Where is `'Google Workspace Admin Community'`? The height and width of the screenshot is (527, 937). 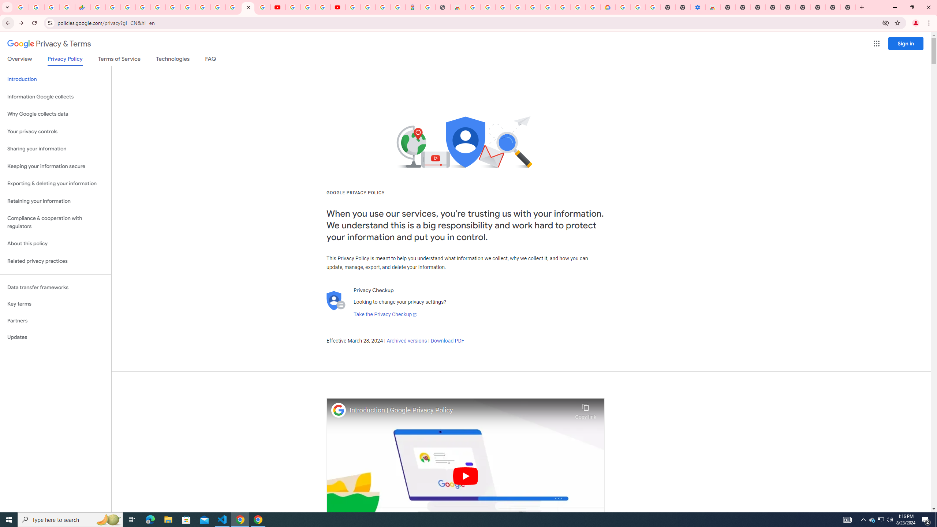 'Google Workspace Admin Community' is located at coordinates (21, 7).